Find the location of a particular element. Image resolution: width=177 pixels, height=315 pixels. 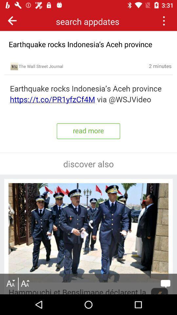

back face is located at coordinates (12, 20).